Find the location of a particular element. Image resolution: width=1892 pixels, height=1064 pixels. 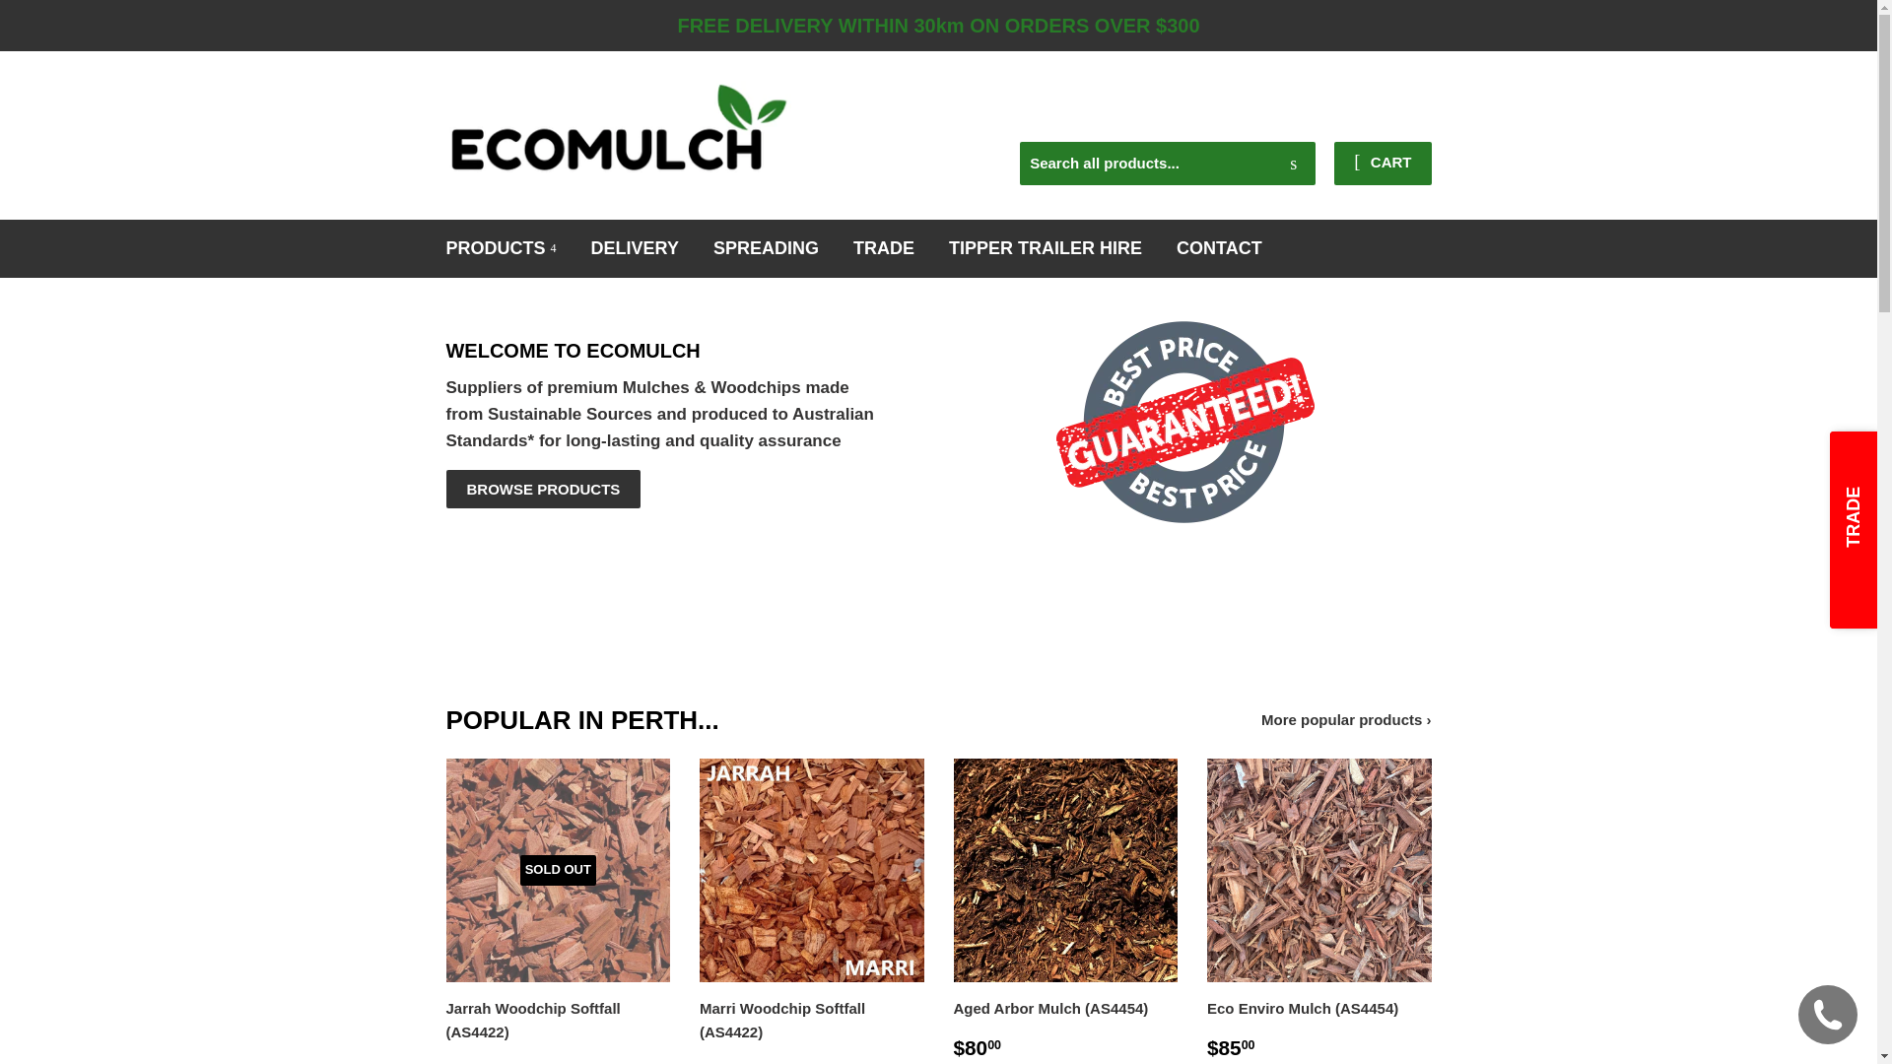

'FREE DELIVERY WITHIN 30km ON ORDERS OVER $300' is located at coordinates (937, 26).